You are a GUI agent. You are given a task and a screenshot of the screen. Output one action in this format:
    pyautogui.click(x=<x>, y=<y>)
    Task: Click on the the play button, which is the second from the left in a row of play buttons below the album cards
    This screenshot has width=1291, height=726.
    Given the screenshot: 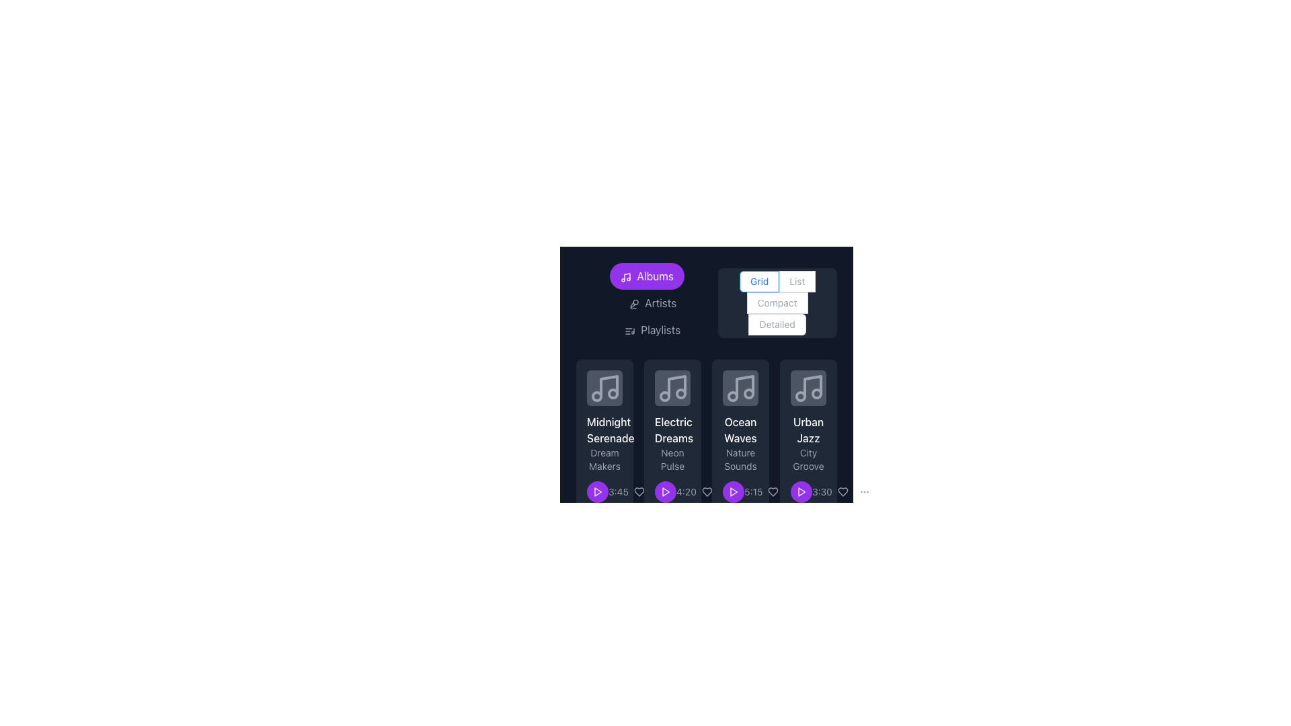 What is the action you would take?
    pyautogui.click(x=665, y=492)
    